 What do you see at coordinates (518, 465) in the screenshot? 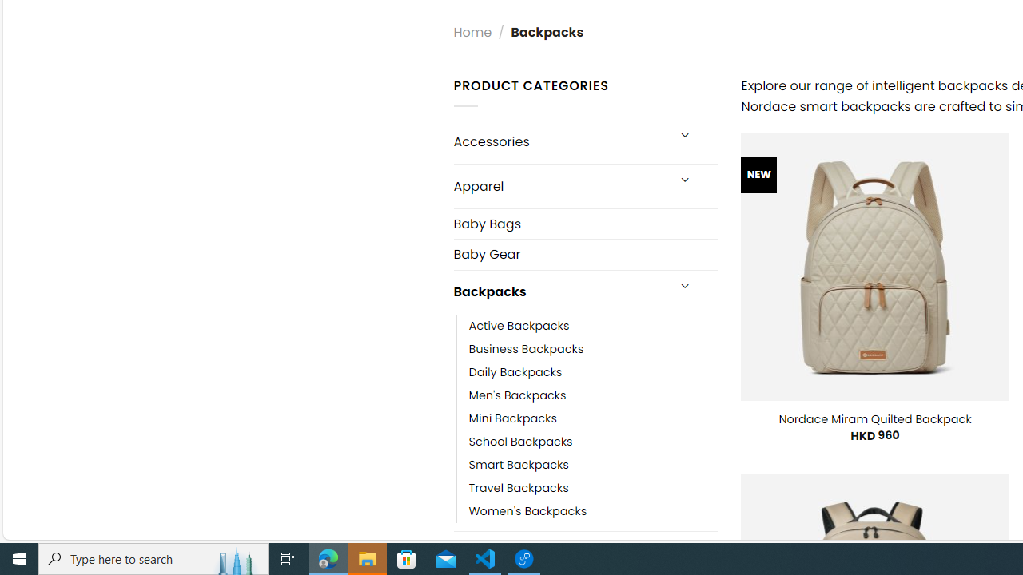
I see `'Smart Backpacks'` at bounding box center [518, 465].